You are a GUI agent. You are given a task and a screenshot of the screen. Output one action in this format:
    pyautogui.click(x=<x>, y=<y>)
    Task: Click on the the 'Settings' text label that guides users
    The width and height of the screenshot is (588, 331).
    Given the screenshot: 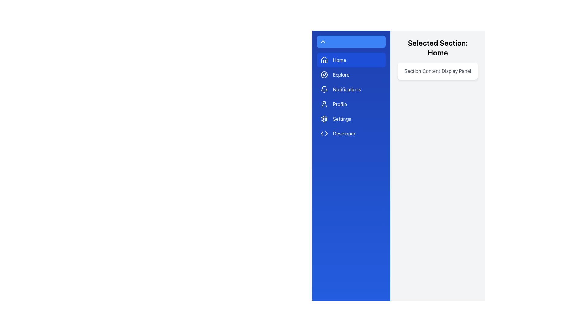 What is the action you would take?
    pyautogui.click(x=341, y=119)
    